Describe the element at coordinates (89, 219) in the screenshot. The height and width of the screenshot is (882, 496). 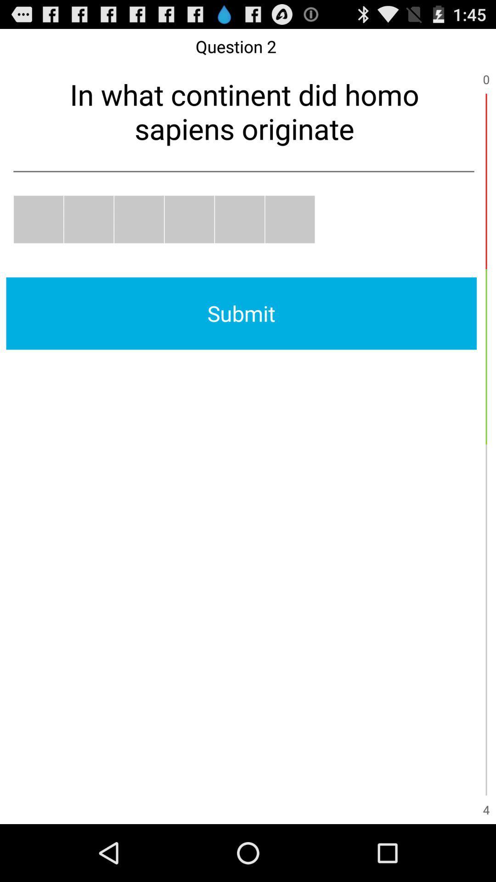
I see `the icon above the submit item` at that location.